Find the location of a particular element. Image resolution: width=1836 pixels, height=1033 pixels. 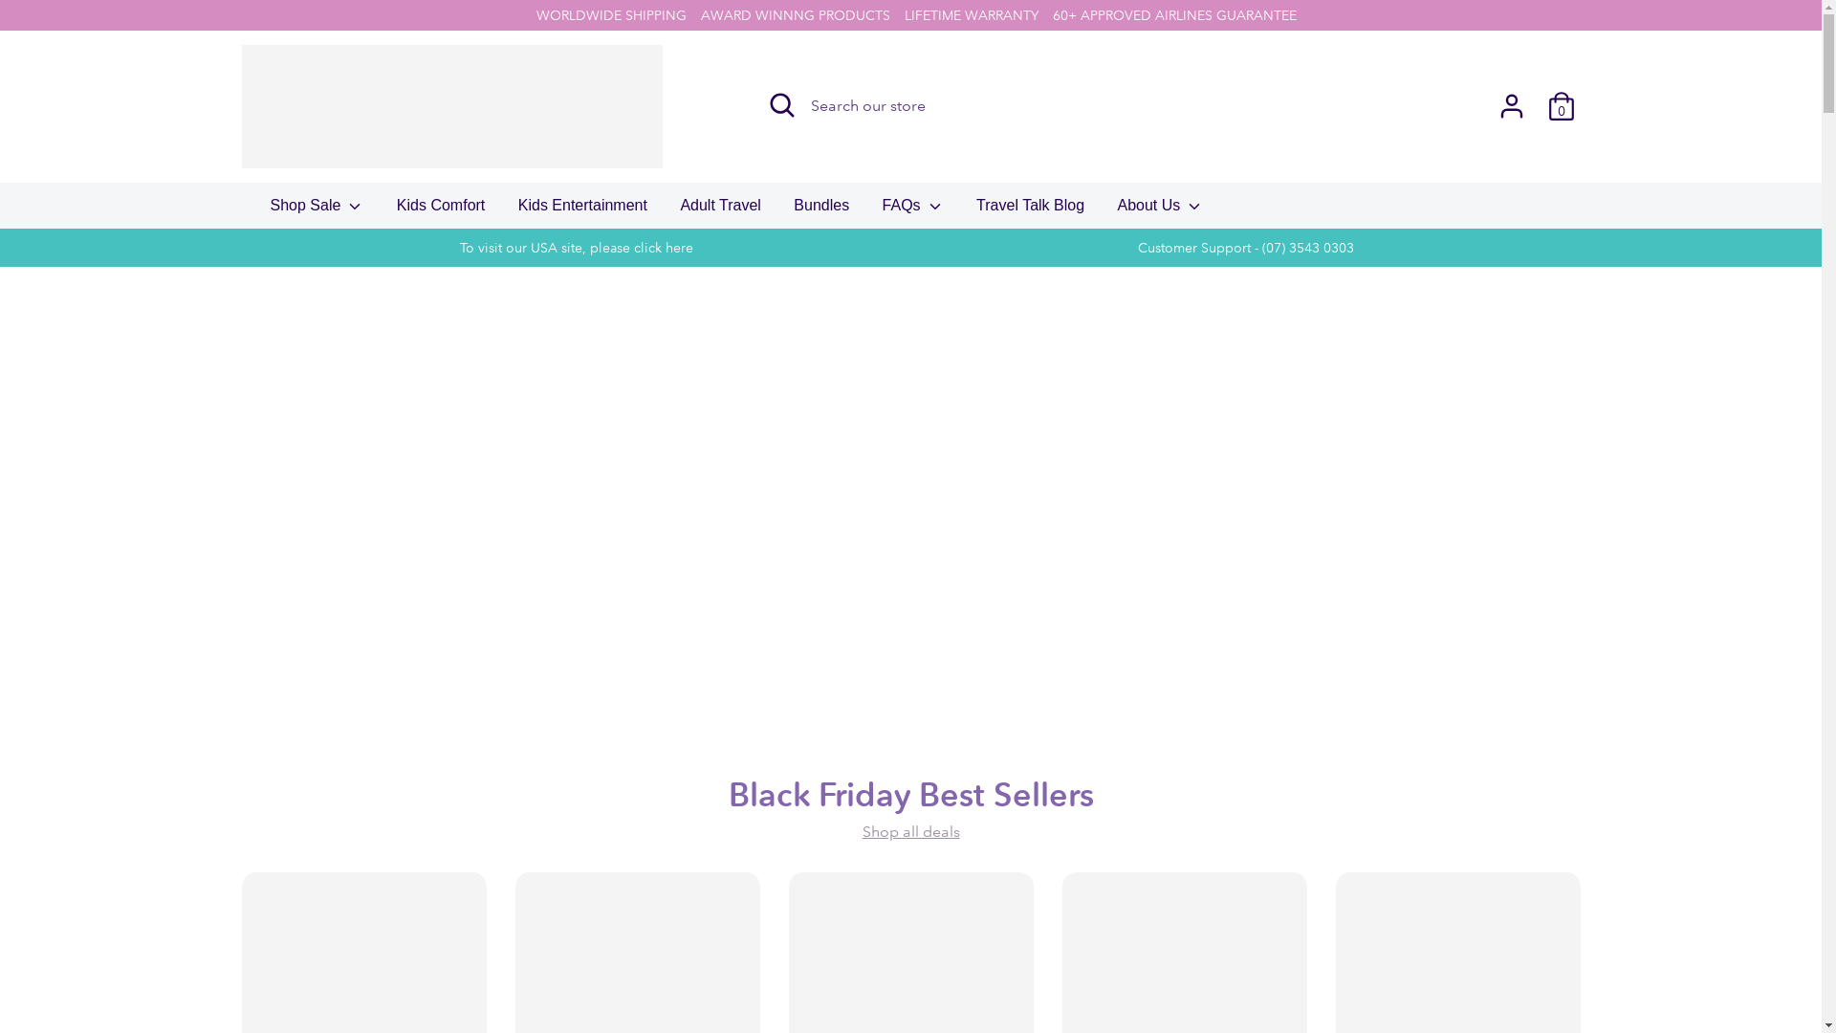

'Kids Entertainment' is located at coordinates (504, 210).